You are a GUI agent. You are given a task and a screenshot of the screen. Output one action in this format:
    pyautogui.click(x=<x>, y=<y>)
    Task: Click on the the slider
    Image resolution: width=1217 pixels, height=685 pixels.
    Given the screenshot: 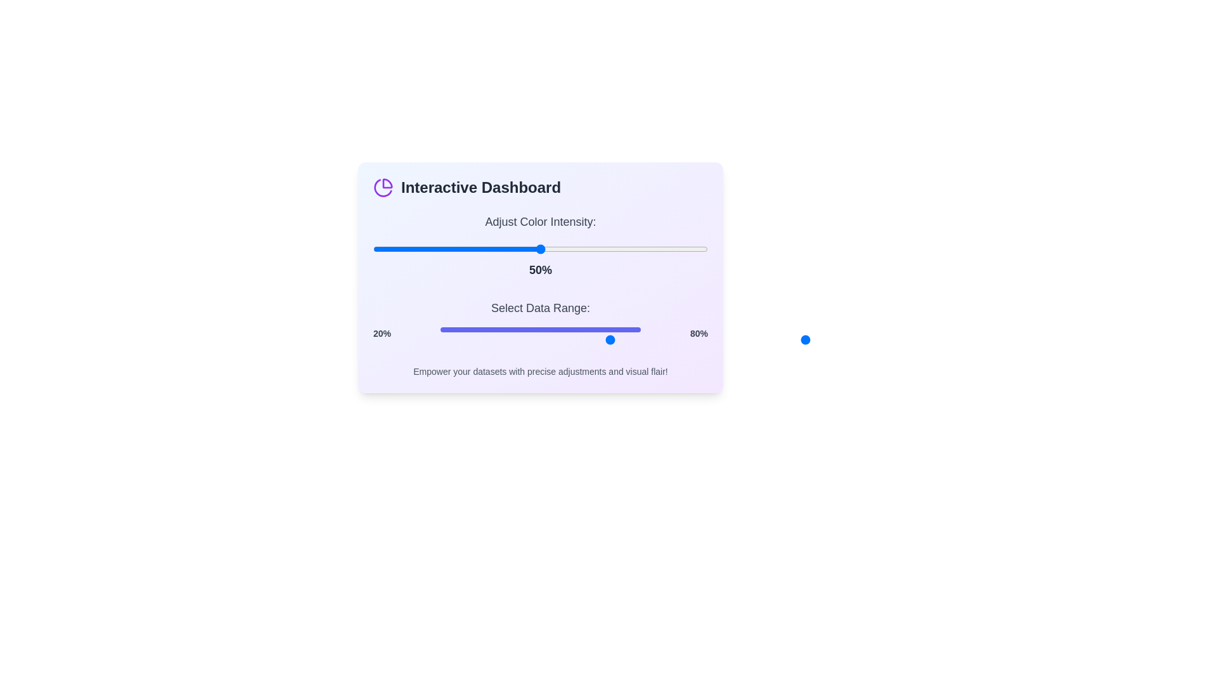 What is the action you would take?
    pyautogui.click(x=382, y=249)
    